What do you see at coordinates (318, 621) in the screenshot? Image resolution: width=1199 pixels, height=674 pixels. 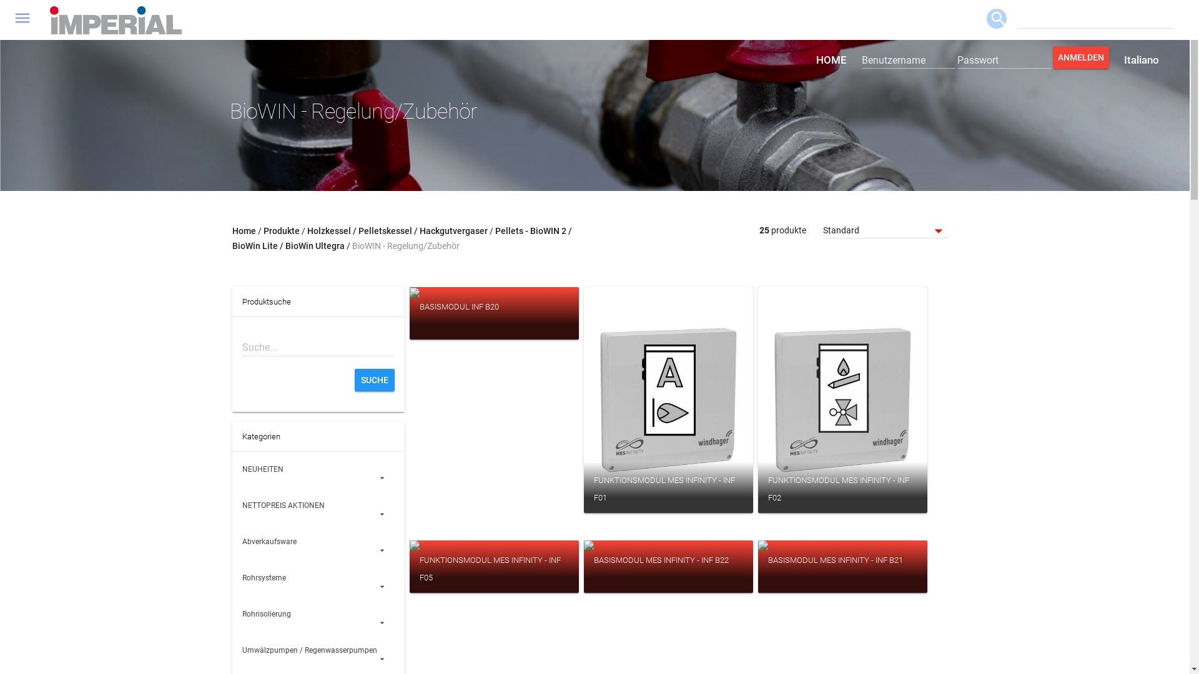 I see `'Rohrisolierung` at bounding box center [318, 621].